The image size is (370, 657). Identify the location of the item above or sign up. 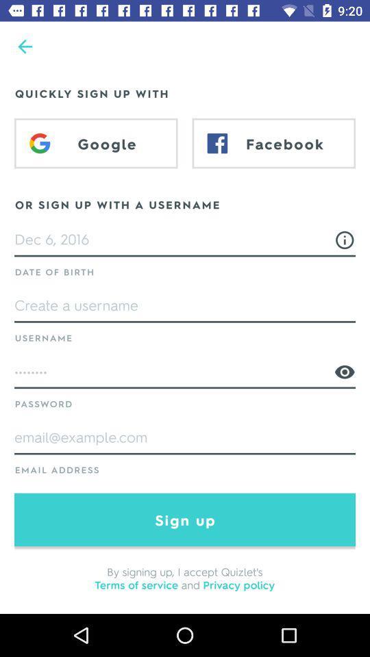
(273, 143).